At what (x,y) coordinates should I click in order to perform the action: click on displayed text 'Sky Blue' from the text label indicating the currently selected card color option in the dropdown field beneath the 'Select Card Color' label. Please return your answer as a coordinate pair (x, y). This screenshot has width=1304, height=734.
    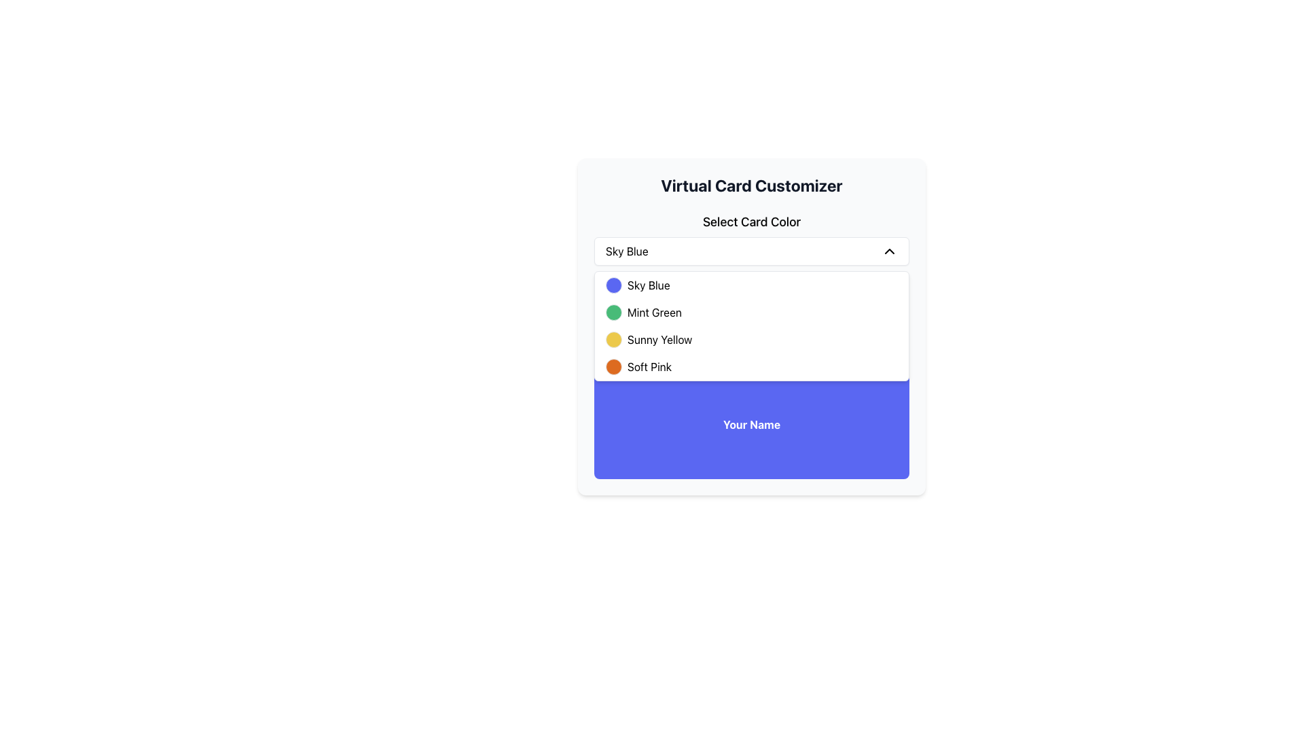
    Looking at the image, I should click on (626, 251).